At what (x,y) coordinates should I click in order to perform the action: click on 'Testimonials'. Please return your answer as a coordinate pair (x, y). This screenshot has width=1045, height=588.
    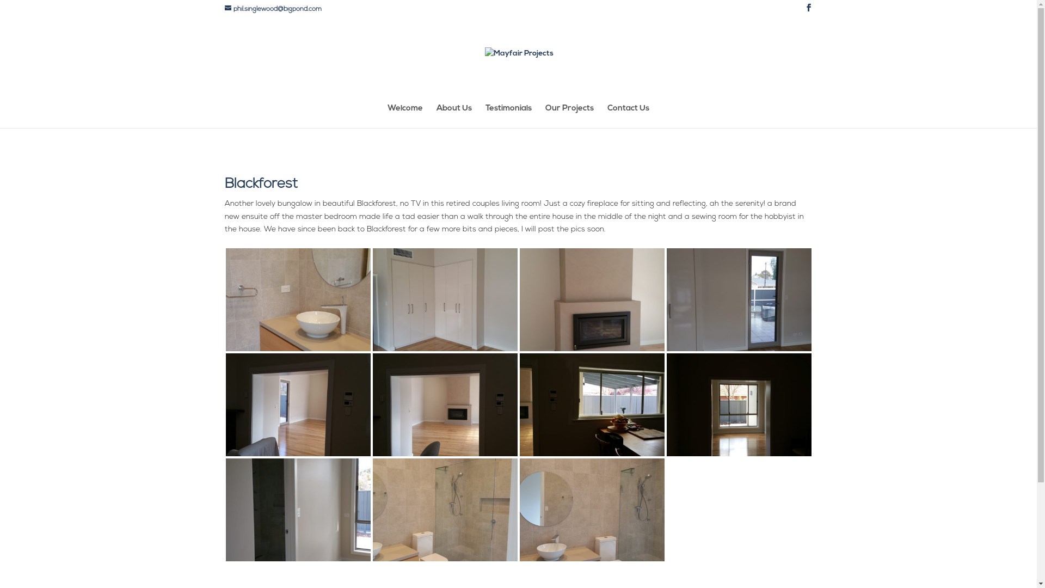
    Looking at the image, I should click on (508, 116).